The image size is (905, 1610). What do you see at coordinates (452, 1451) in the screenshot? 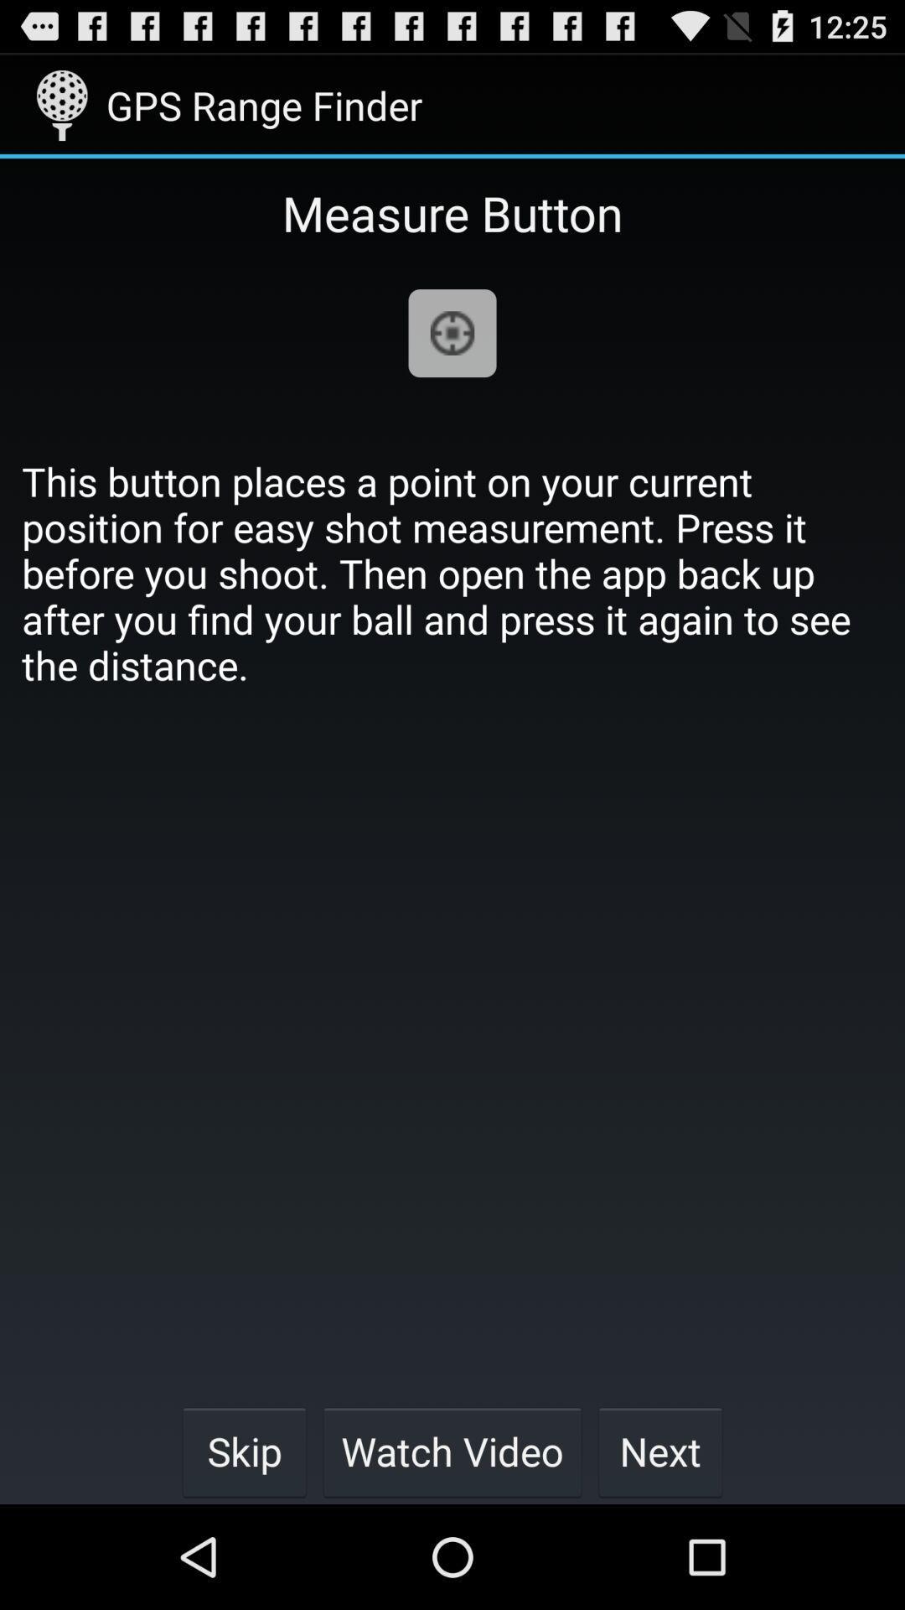
I see `the item next to next button` at bounding box center [452, 1451].